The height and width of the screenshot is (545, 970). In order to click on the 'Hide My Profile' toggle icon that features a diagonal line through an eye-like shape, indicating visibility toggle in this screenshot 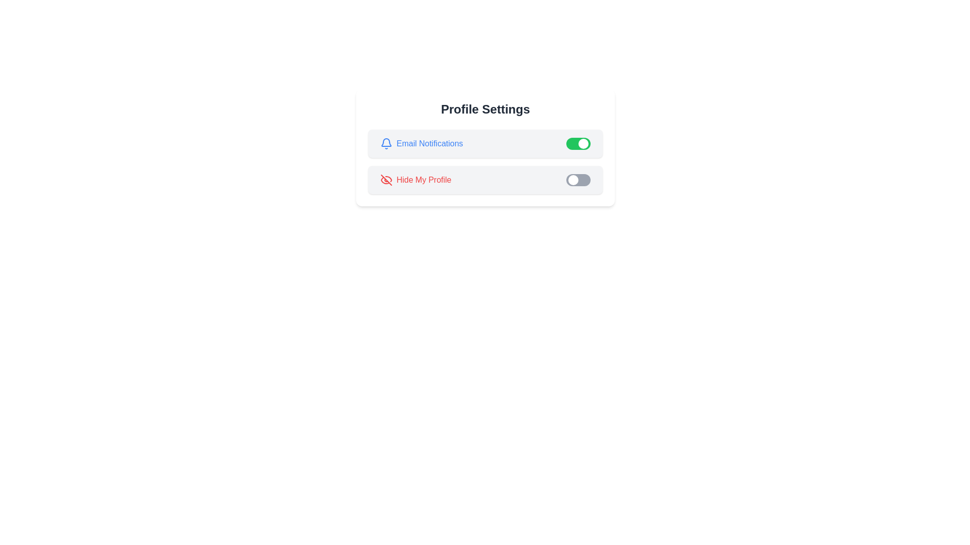, I will do `click(385, 180)`.